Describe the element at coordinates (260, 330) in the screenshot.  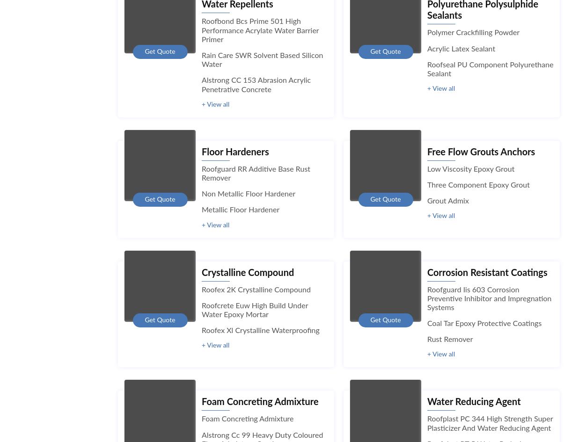
I see `'Roofex Xl Crystalline Waterproofing'` at that location.